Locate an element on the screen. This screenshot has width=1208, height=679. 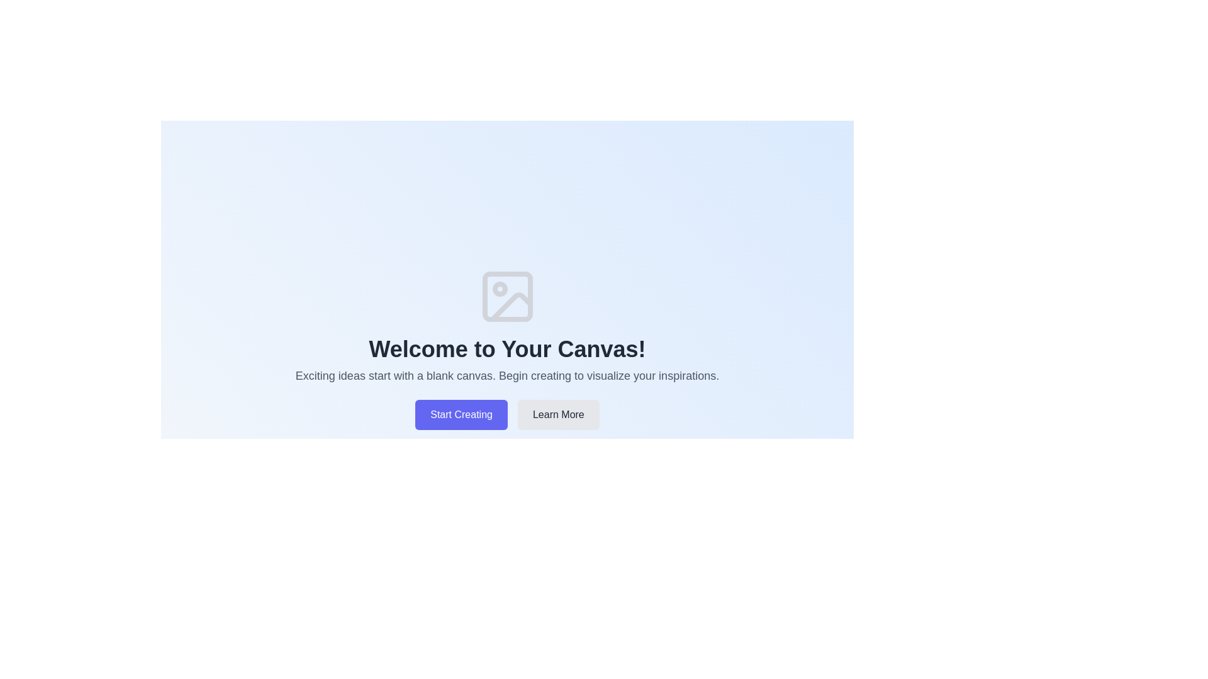
the descriptive text block located beneath the heading 'Welcome to Your Canvas!' and above the buttons 'Start Creating' and 'Learn More' is located at coordinates (507, 375).